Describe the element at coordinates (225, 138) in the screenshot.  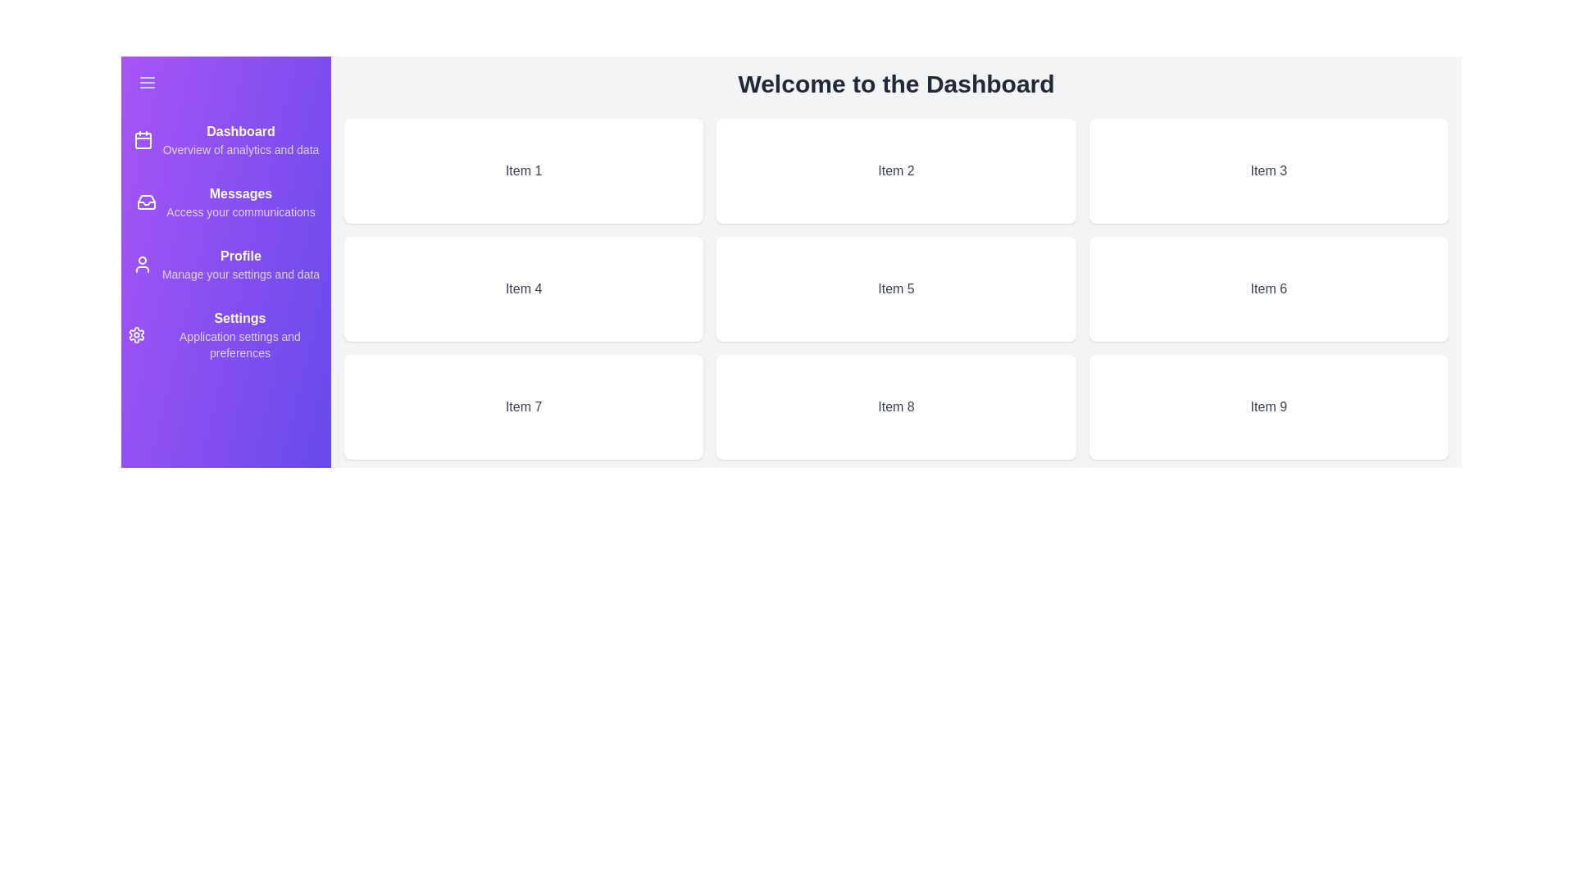
I see `the navigation item corresponding to Dashboard` at that location.